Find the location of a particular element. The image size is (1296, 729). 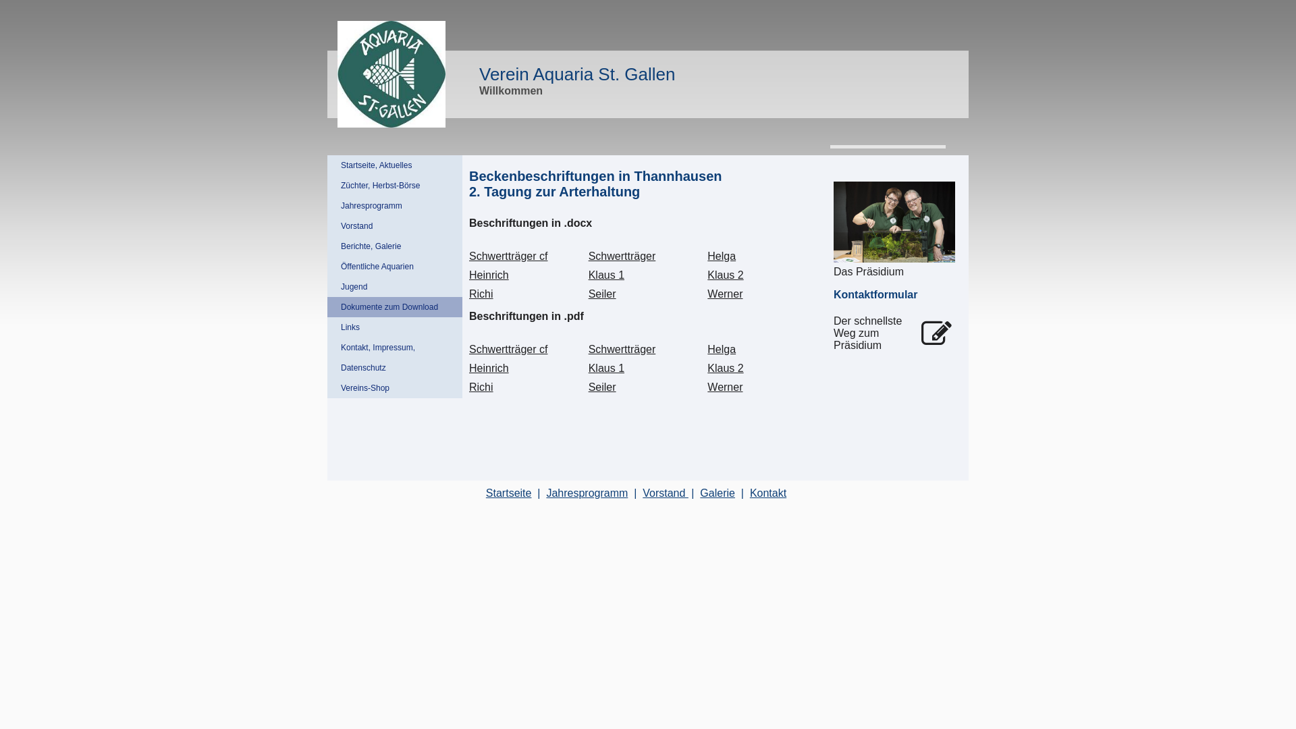

'Werner' is located at coordinates (724, 387).